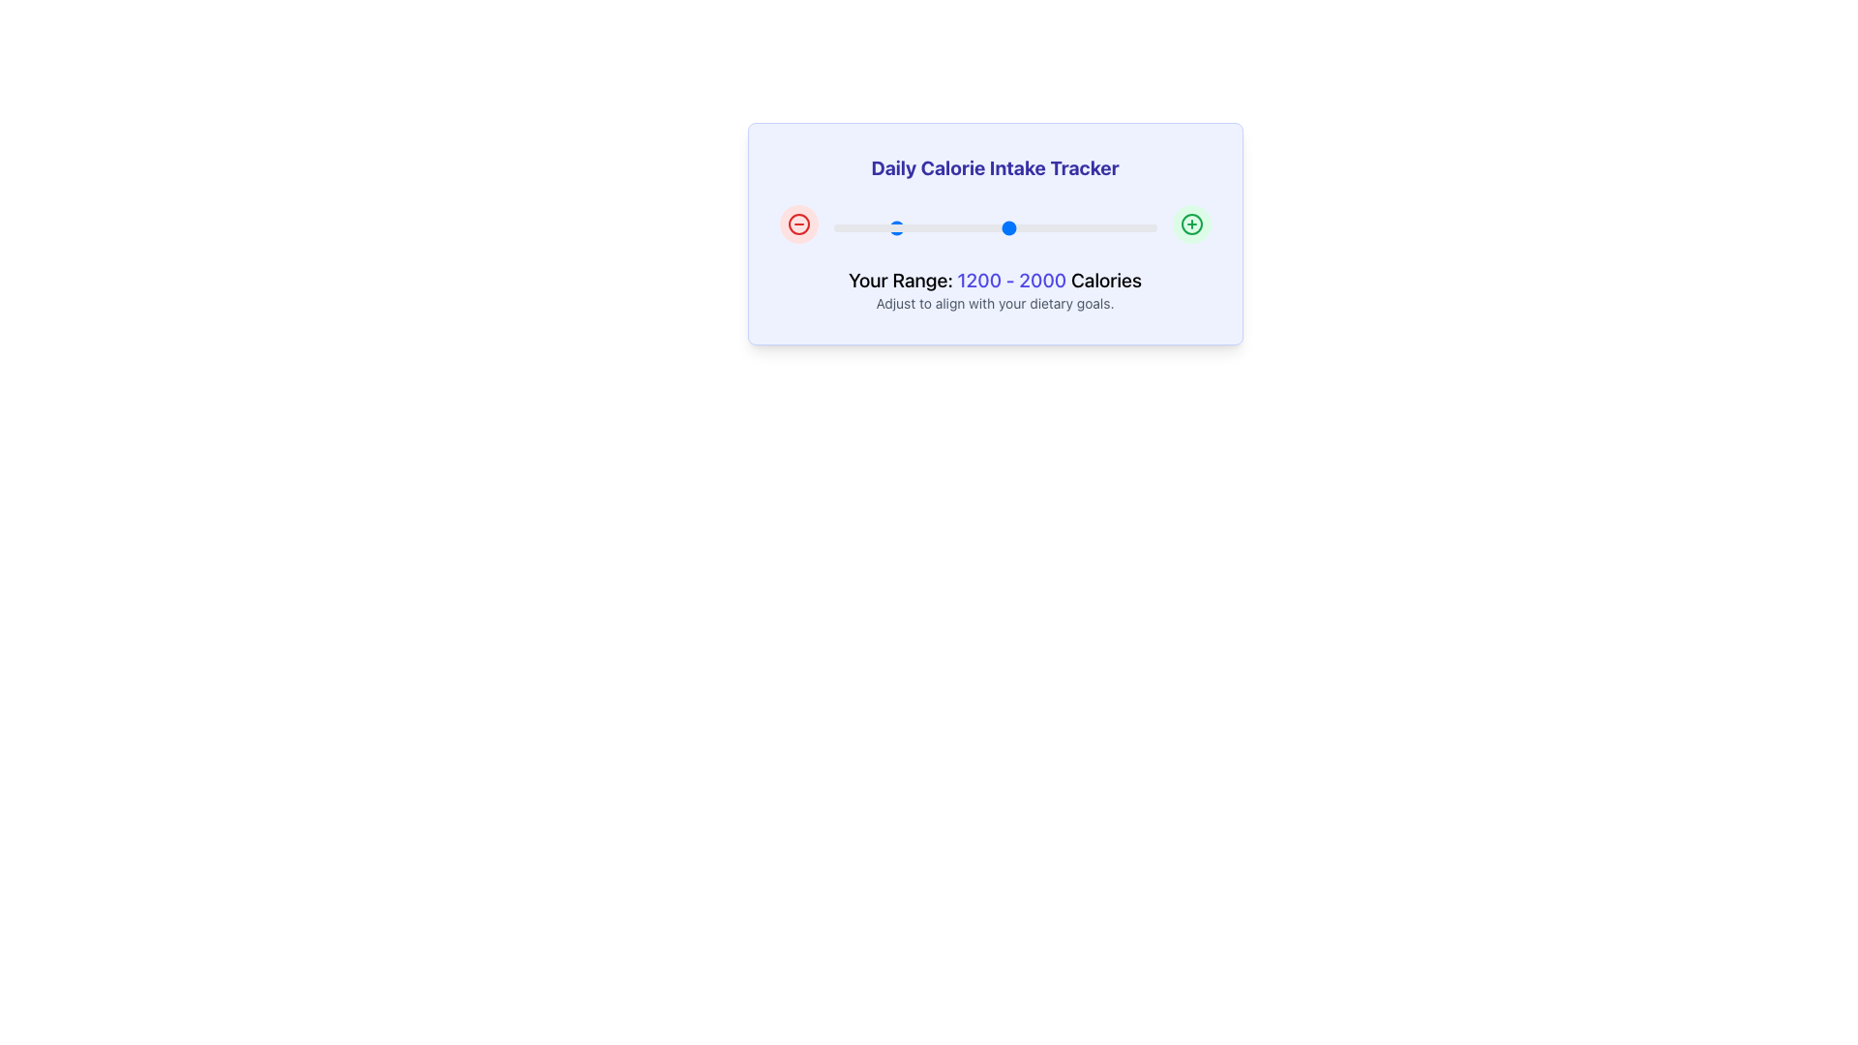 Image resolution: width=1858 pixels, height=1045 pixels. I want to click on the Text Label that provides auxiliary descriptive information about the calorie range displayed above, located directly beneath the larger calorie range text 'Your Range: 1200 - 2000 Calories', so click(995, 303).